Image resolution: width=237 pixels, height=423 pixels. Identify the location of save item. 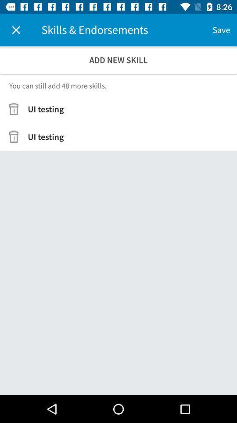
(221, 30).